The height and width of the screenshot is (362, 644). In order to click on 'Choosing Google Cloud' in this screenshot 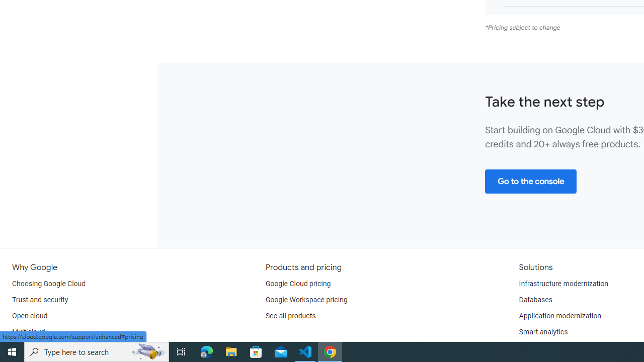, I will do `click(48, 284)`.